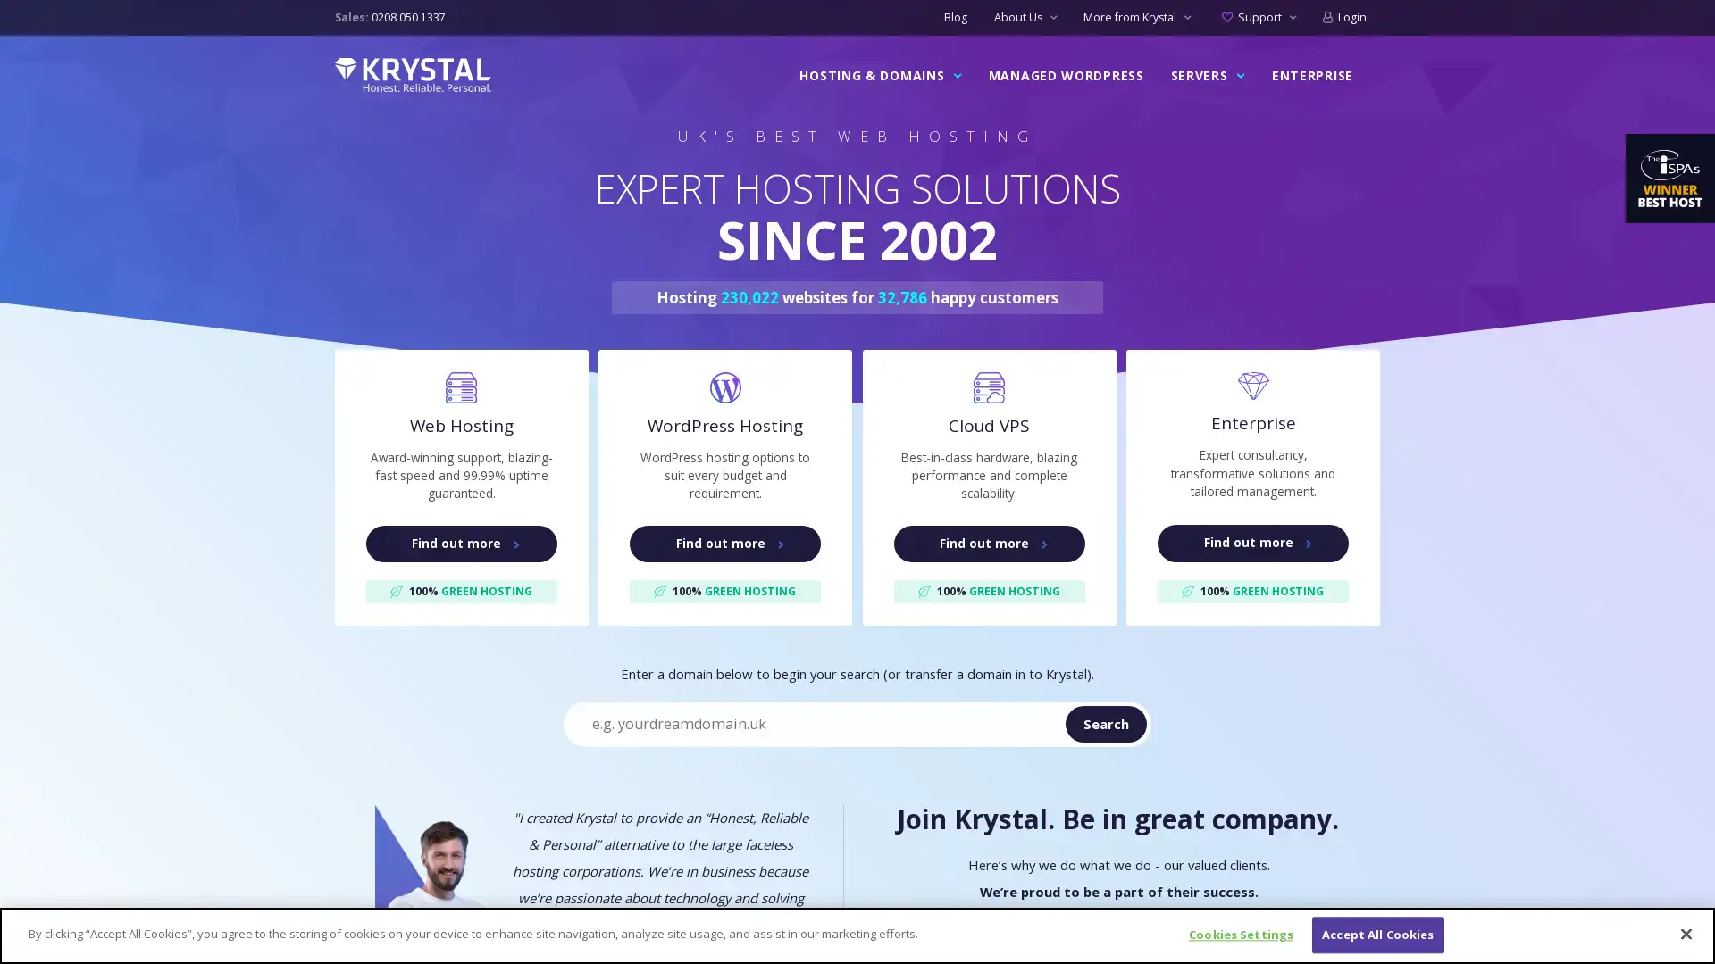 Image resolution: width=1715 pixels, height=964 pixels. Describe the element at coordinates (1376, 934) in the screenshot. I see `Accept All Cookies` at that location.